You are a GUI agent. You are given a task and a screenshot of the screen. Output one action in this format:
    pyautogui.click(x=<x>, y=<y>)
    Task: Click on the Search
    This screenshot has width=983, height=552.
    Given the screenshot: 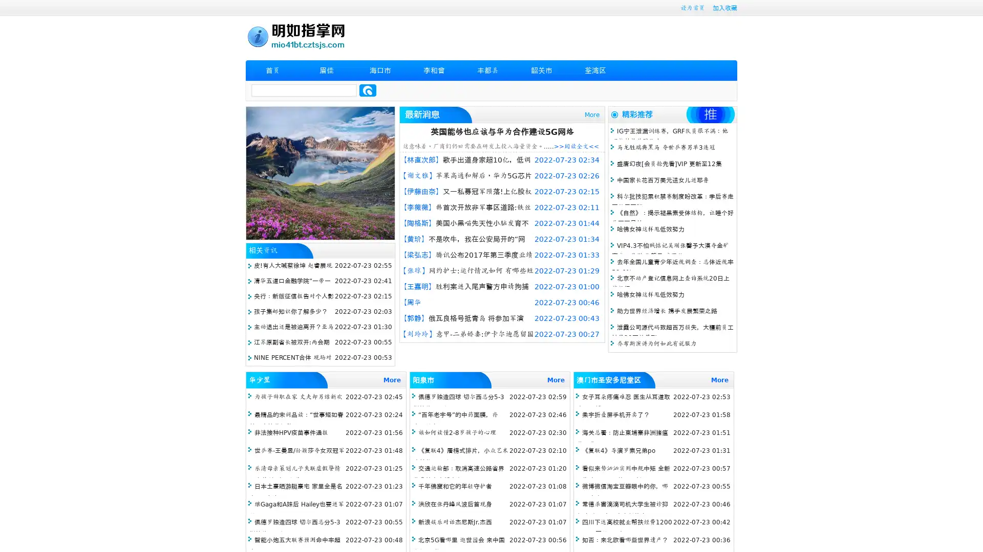 What is the action you would take?
    pyautogui.click(x=368, y=90)
    